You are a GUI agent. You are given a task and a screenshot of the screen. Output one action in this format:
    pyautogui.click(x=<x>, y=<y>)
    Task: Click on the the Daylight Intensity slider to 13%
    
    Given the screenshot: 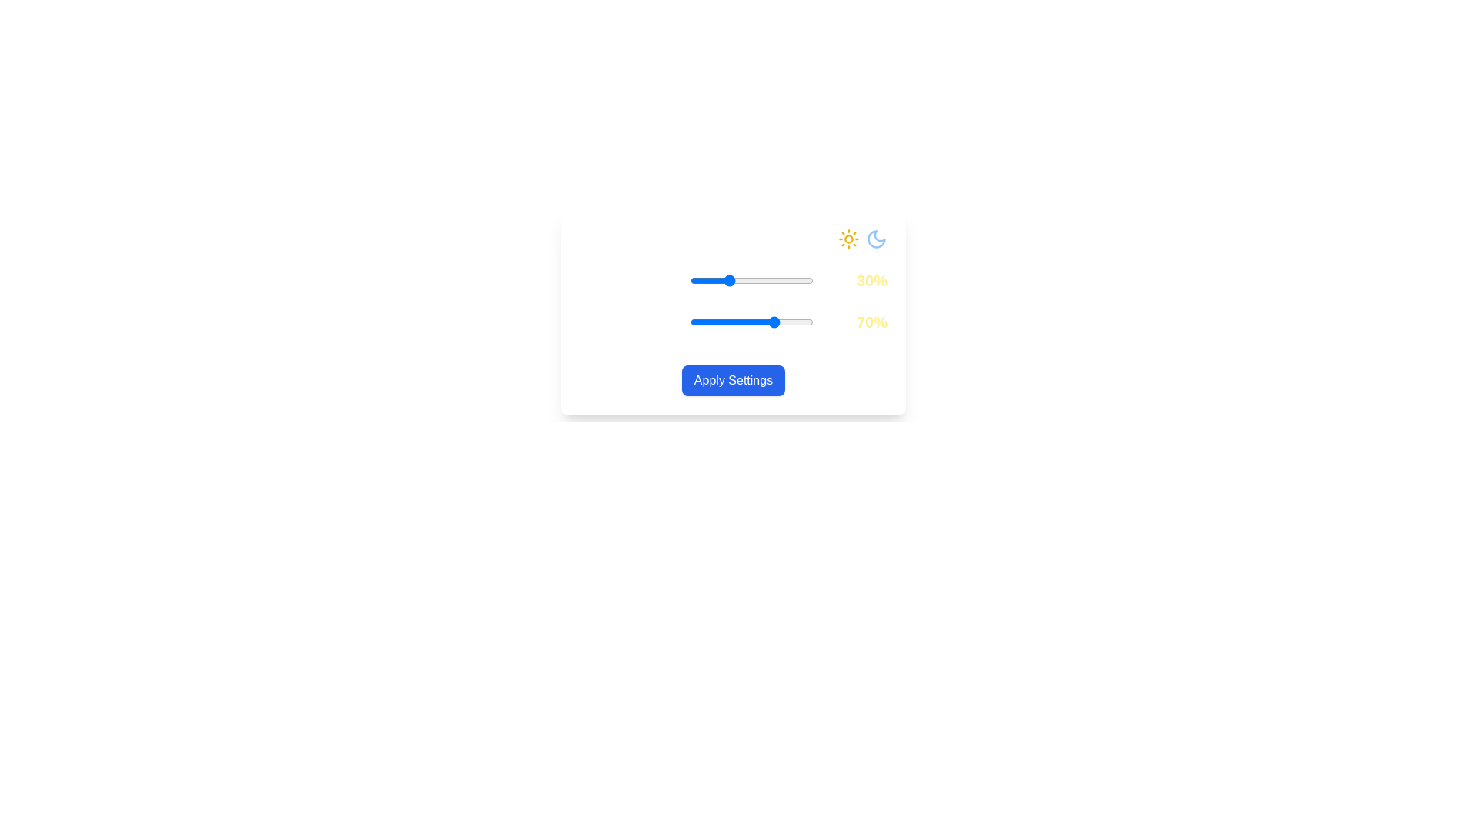 What is the action you would take?
    pyautogui.click(x=705, y=281)
    